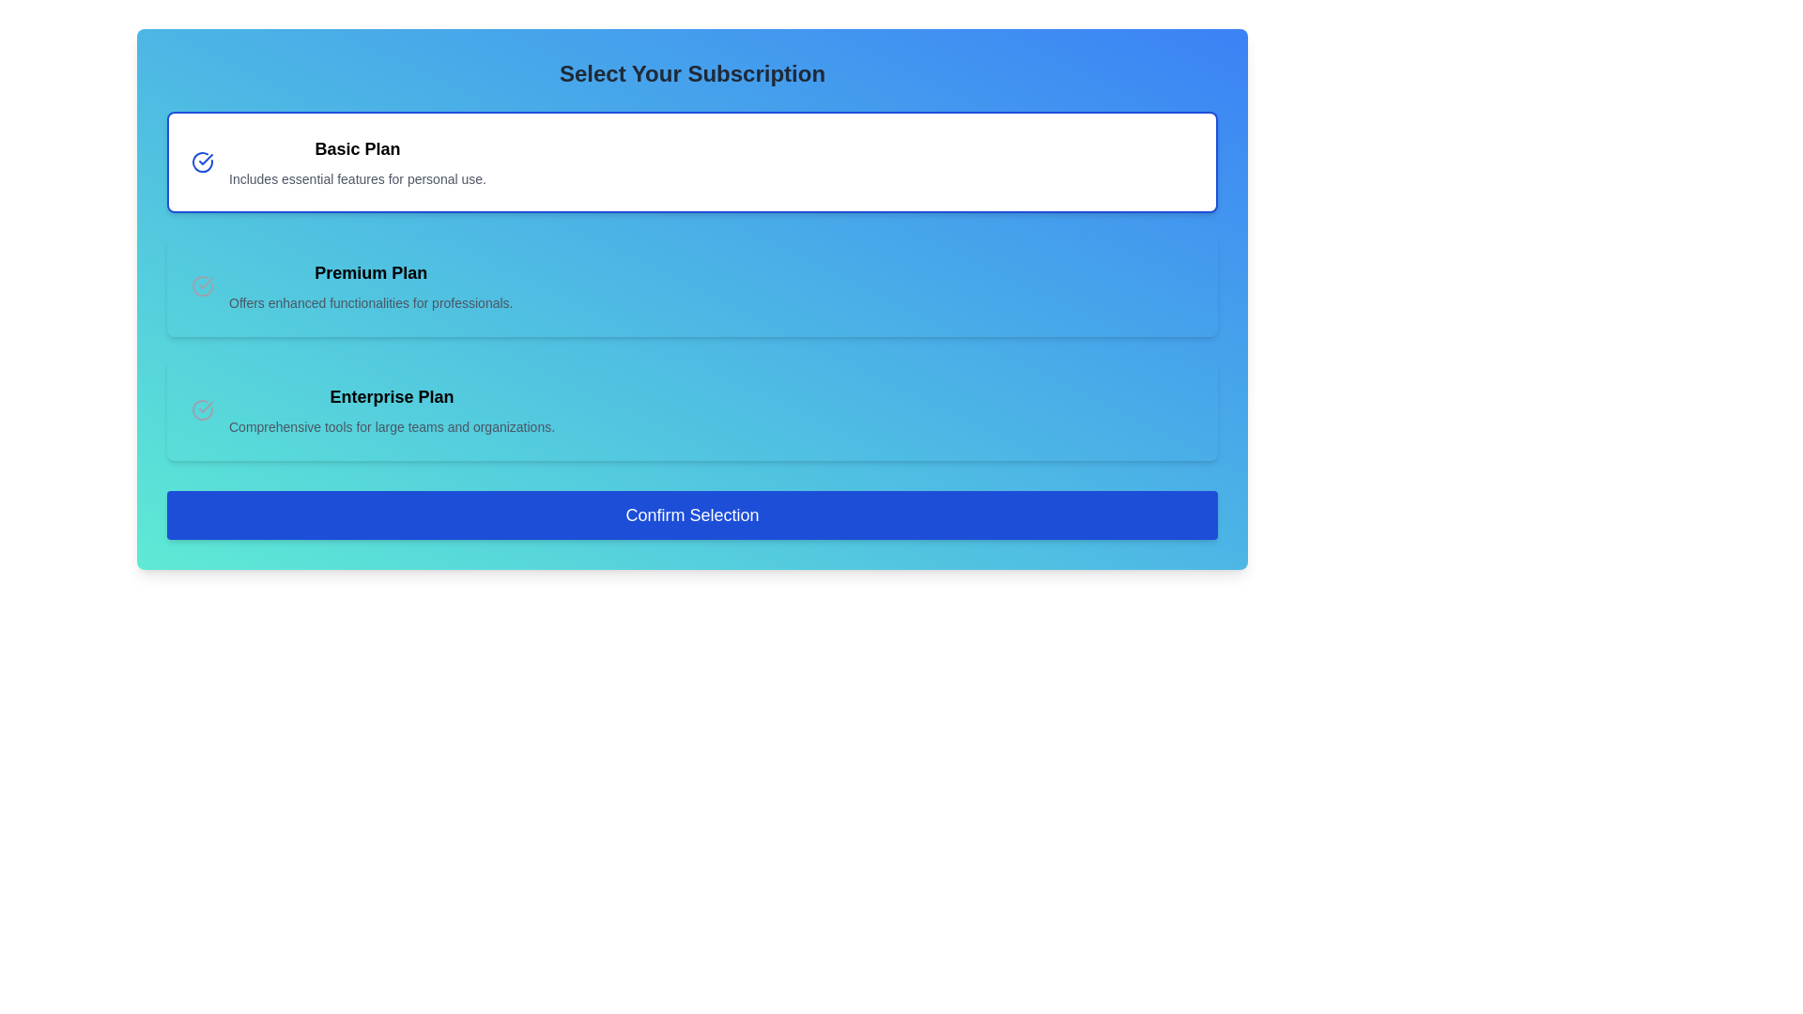 This screenshot has height=1014, width=1803. I want to click on the confirmation button for subscription choice, so click(691, 515).